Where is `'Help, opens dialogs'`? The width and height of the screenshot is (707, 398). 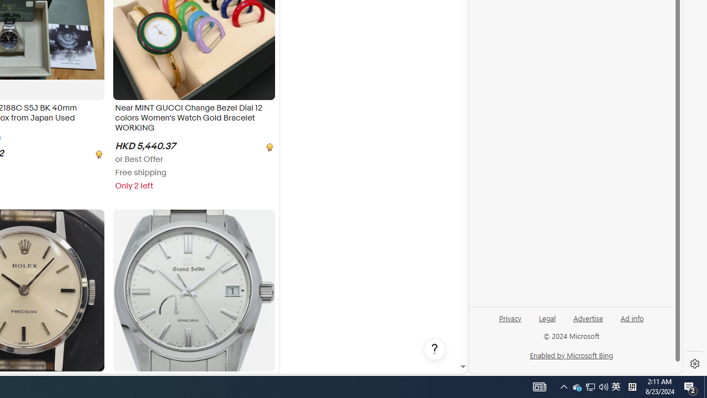
'Help, opens dialogs' is located at coordinates (434, 349).